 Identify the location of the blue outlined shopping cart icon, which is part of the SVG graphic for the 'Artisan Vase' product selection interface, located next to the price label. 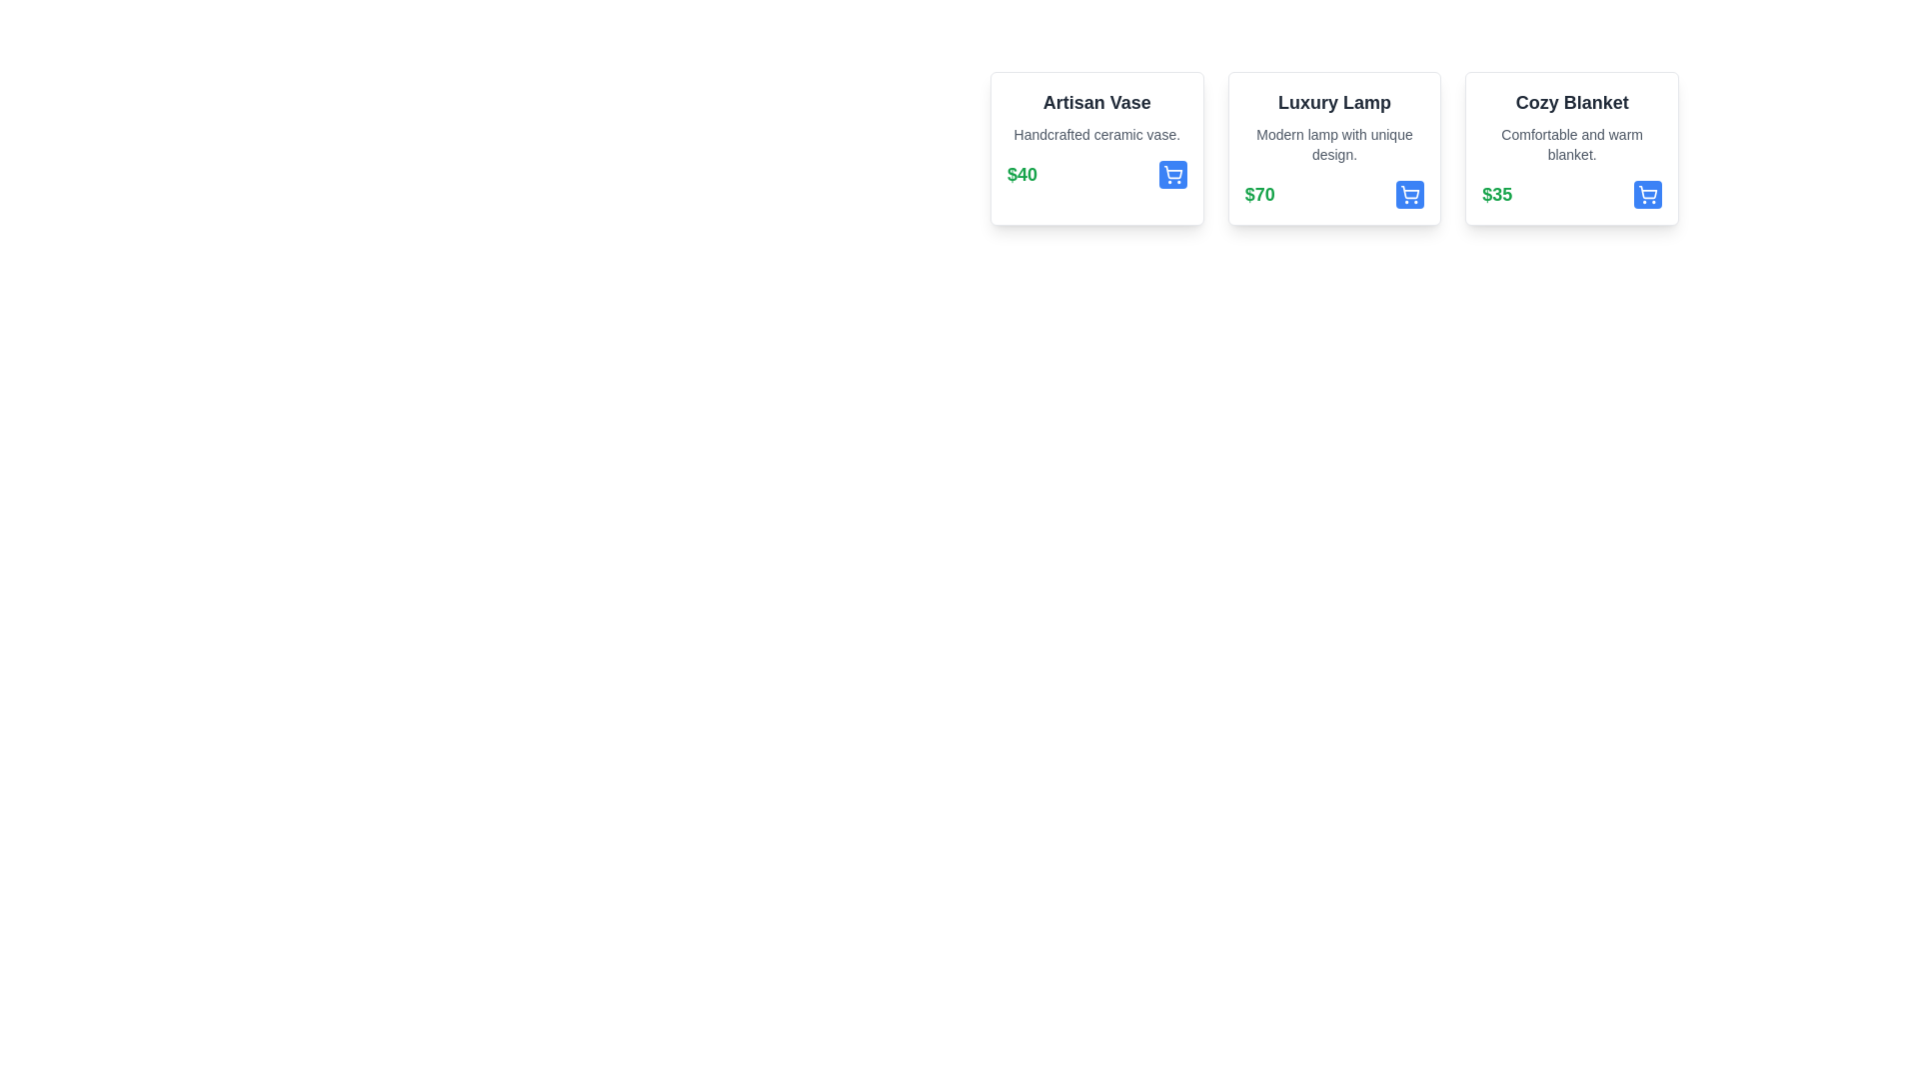
(1172, 171).